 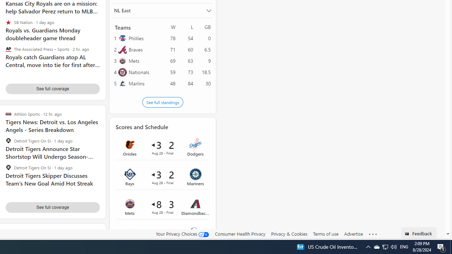 What do you see at coordinates (373, 234) in the screenshot?
I see `'Class: oneFooter_seeMore-DS-EntryPoint1-1'` at bounding box center [373, 234].